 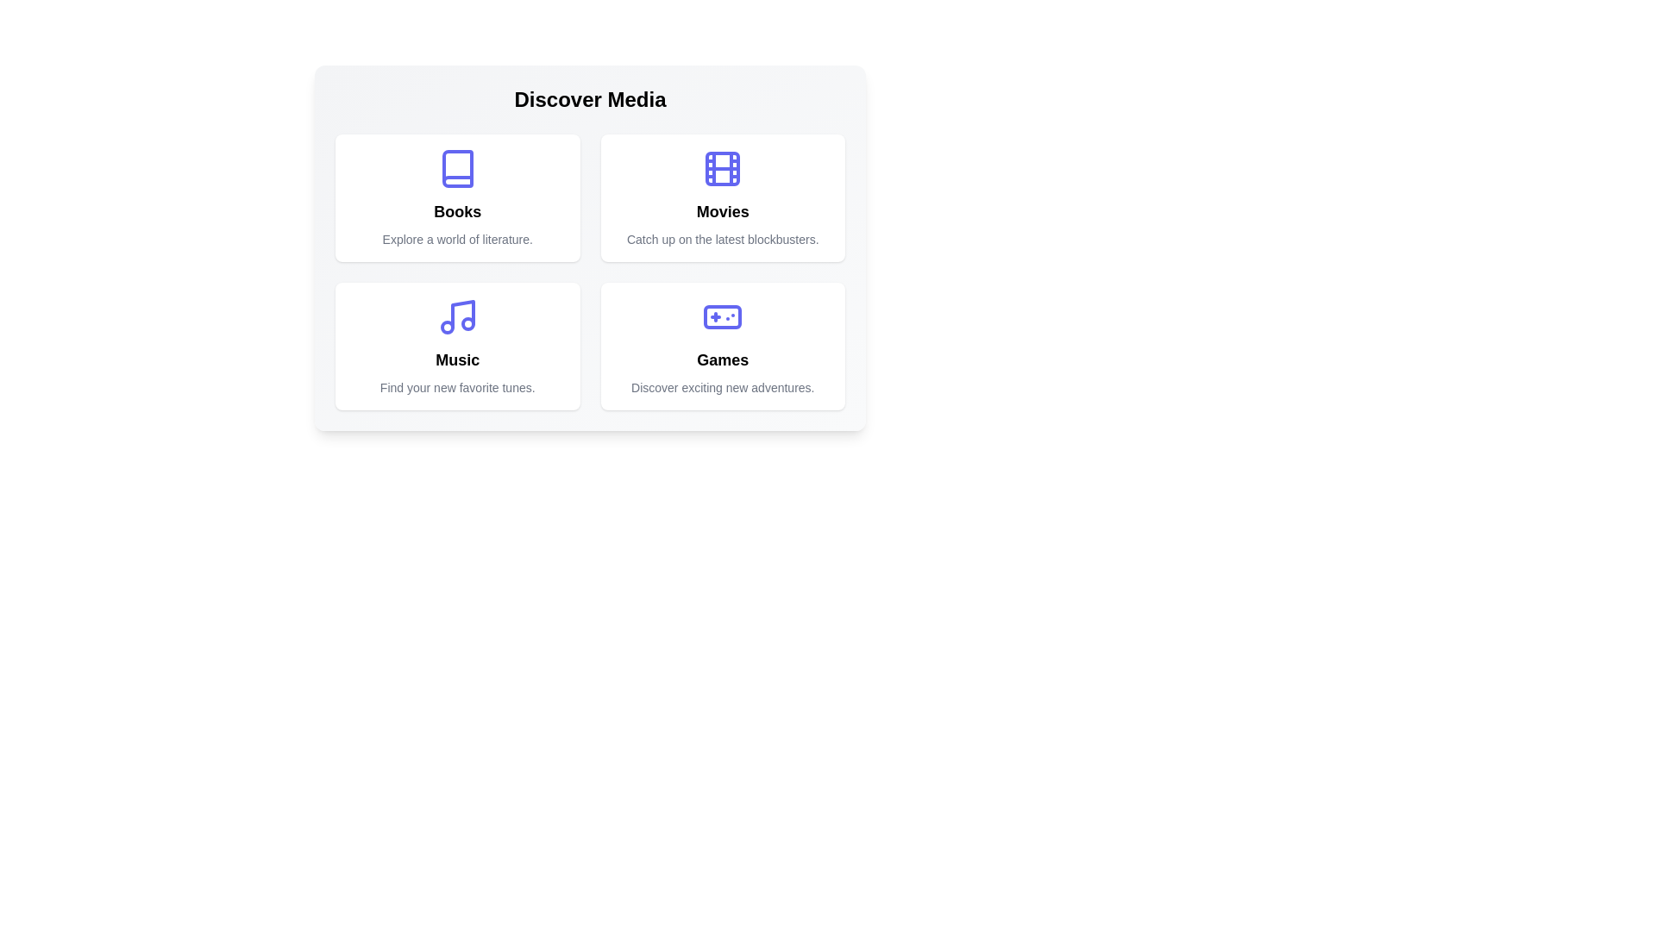 What do you see at coordinates (457, 197) in the screenshot?
I see `the media category card for Books` at bounding box center [457, 197].